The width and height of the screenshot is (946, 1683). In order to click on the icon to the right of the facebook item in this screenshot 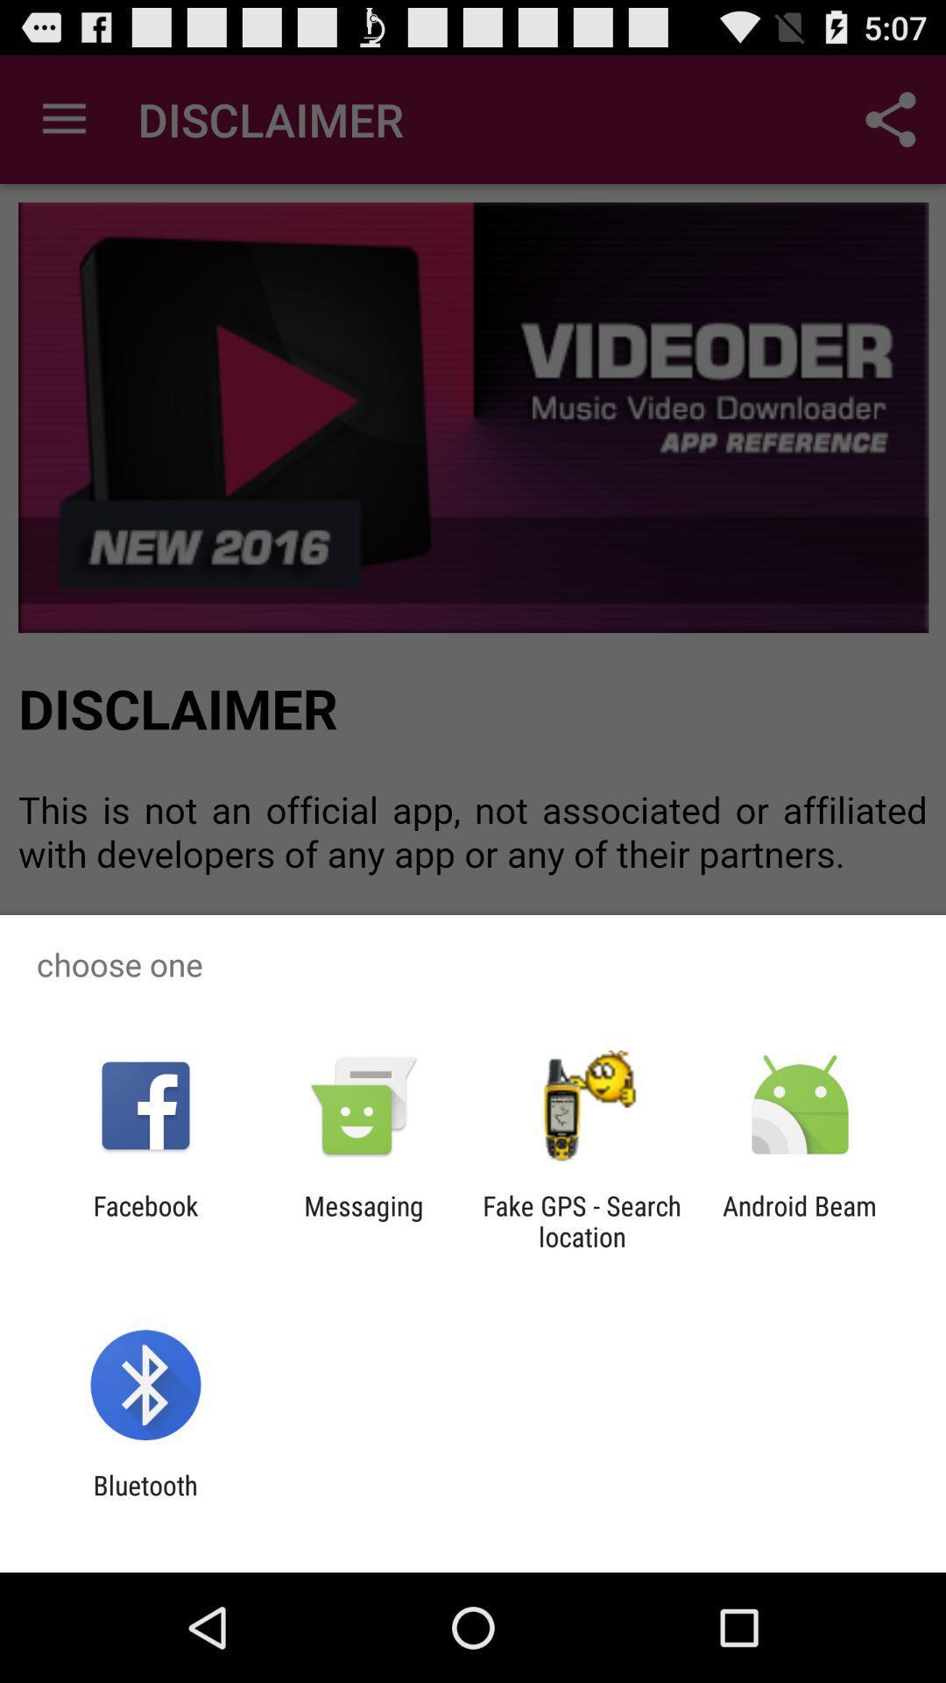, I will do `click(363, 1220)`.